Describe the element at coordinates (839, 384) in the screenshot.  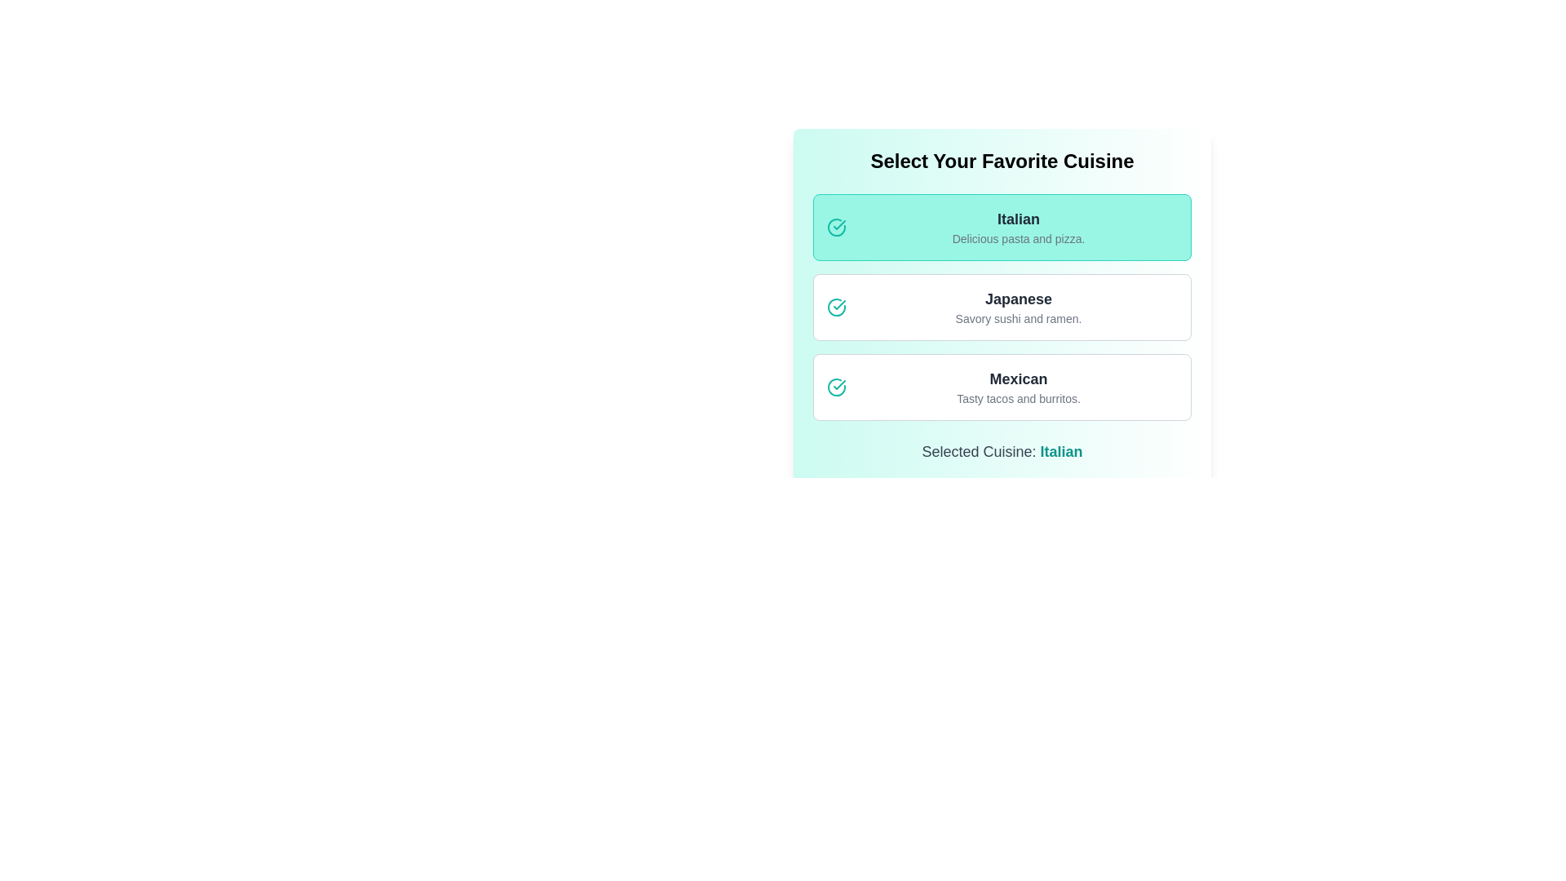
I see `the circular icon to the left of the 'Japanese' cuisine option` at that location.